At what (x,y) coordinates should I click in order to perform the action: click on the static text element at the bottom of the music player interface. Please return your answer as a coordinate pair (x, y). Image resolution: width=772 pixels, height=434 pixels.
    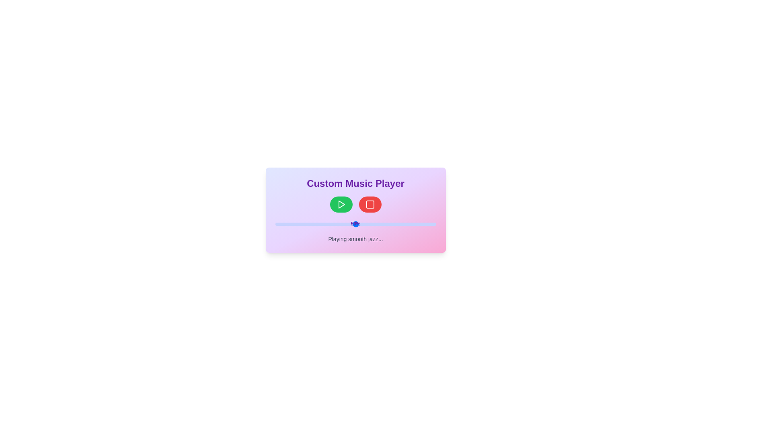
    Looking at the image, I should click on (355, 238).